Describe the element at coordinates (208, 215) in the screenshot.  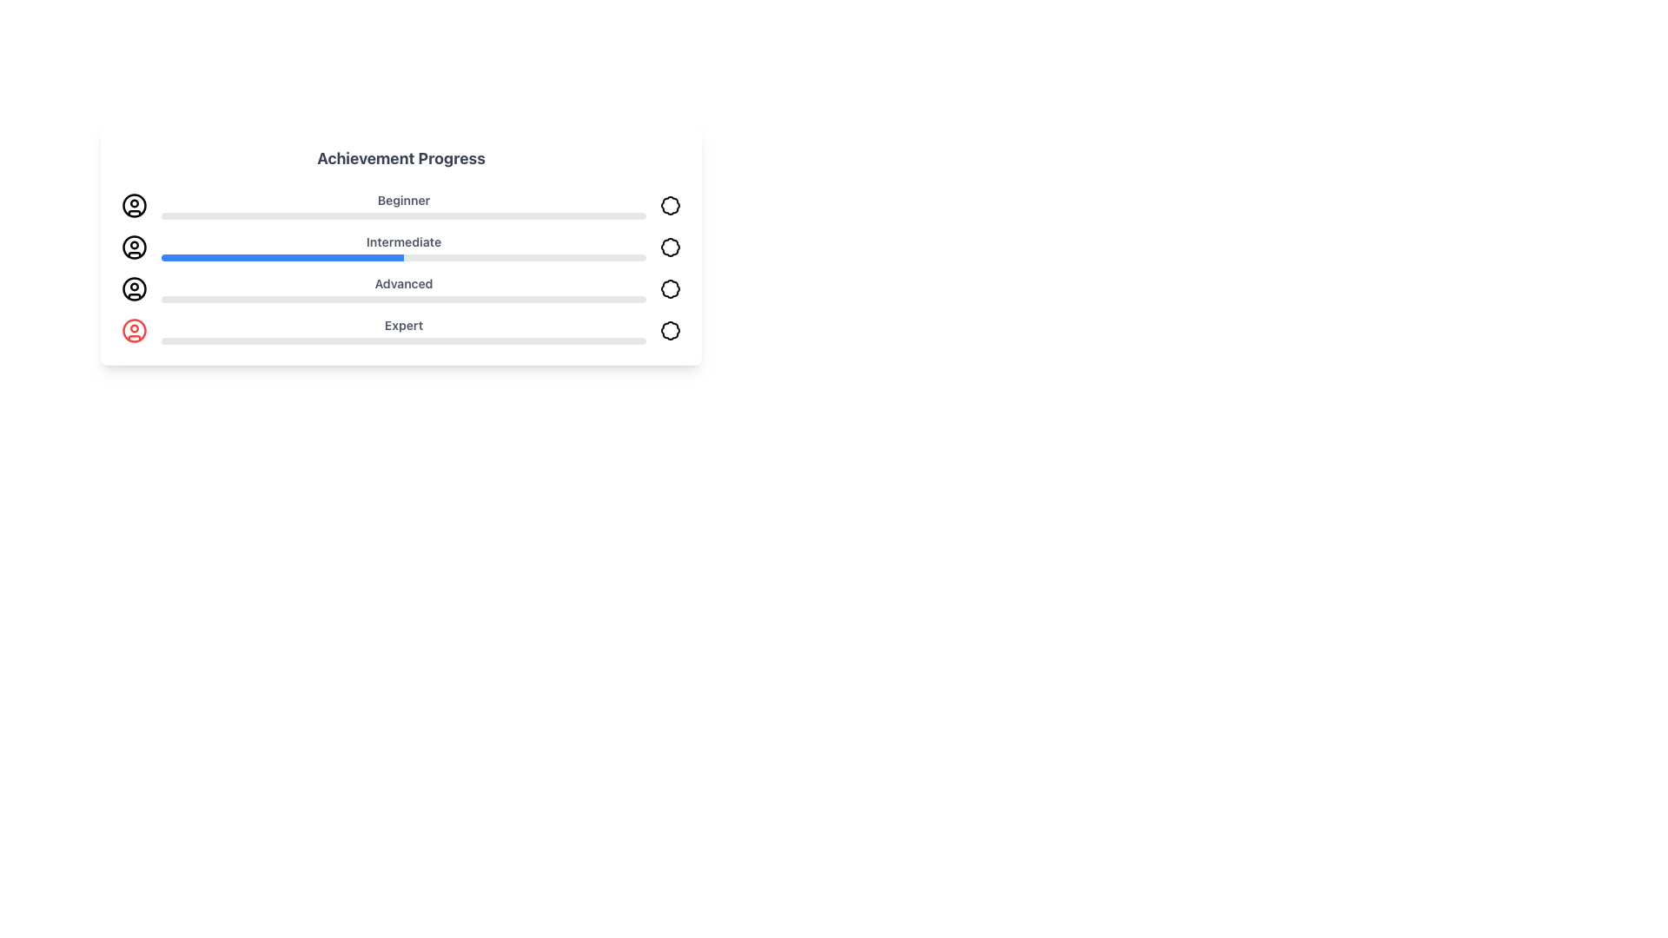
I see `the progress level of the filled green indicator portion of the horizontal progress bar located in the 'Beginner' section under the 'Achievement Progress' header` at that location.